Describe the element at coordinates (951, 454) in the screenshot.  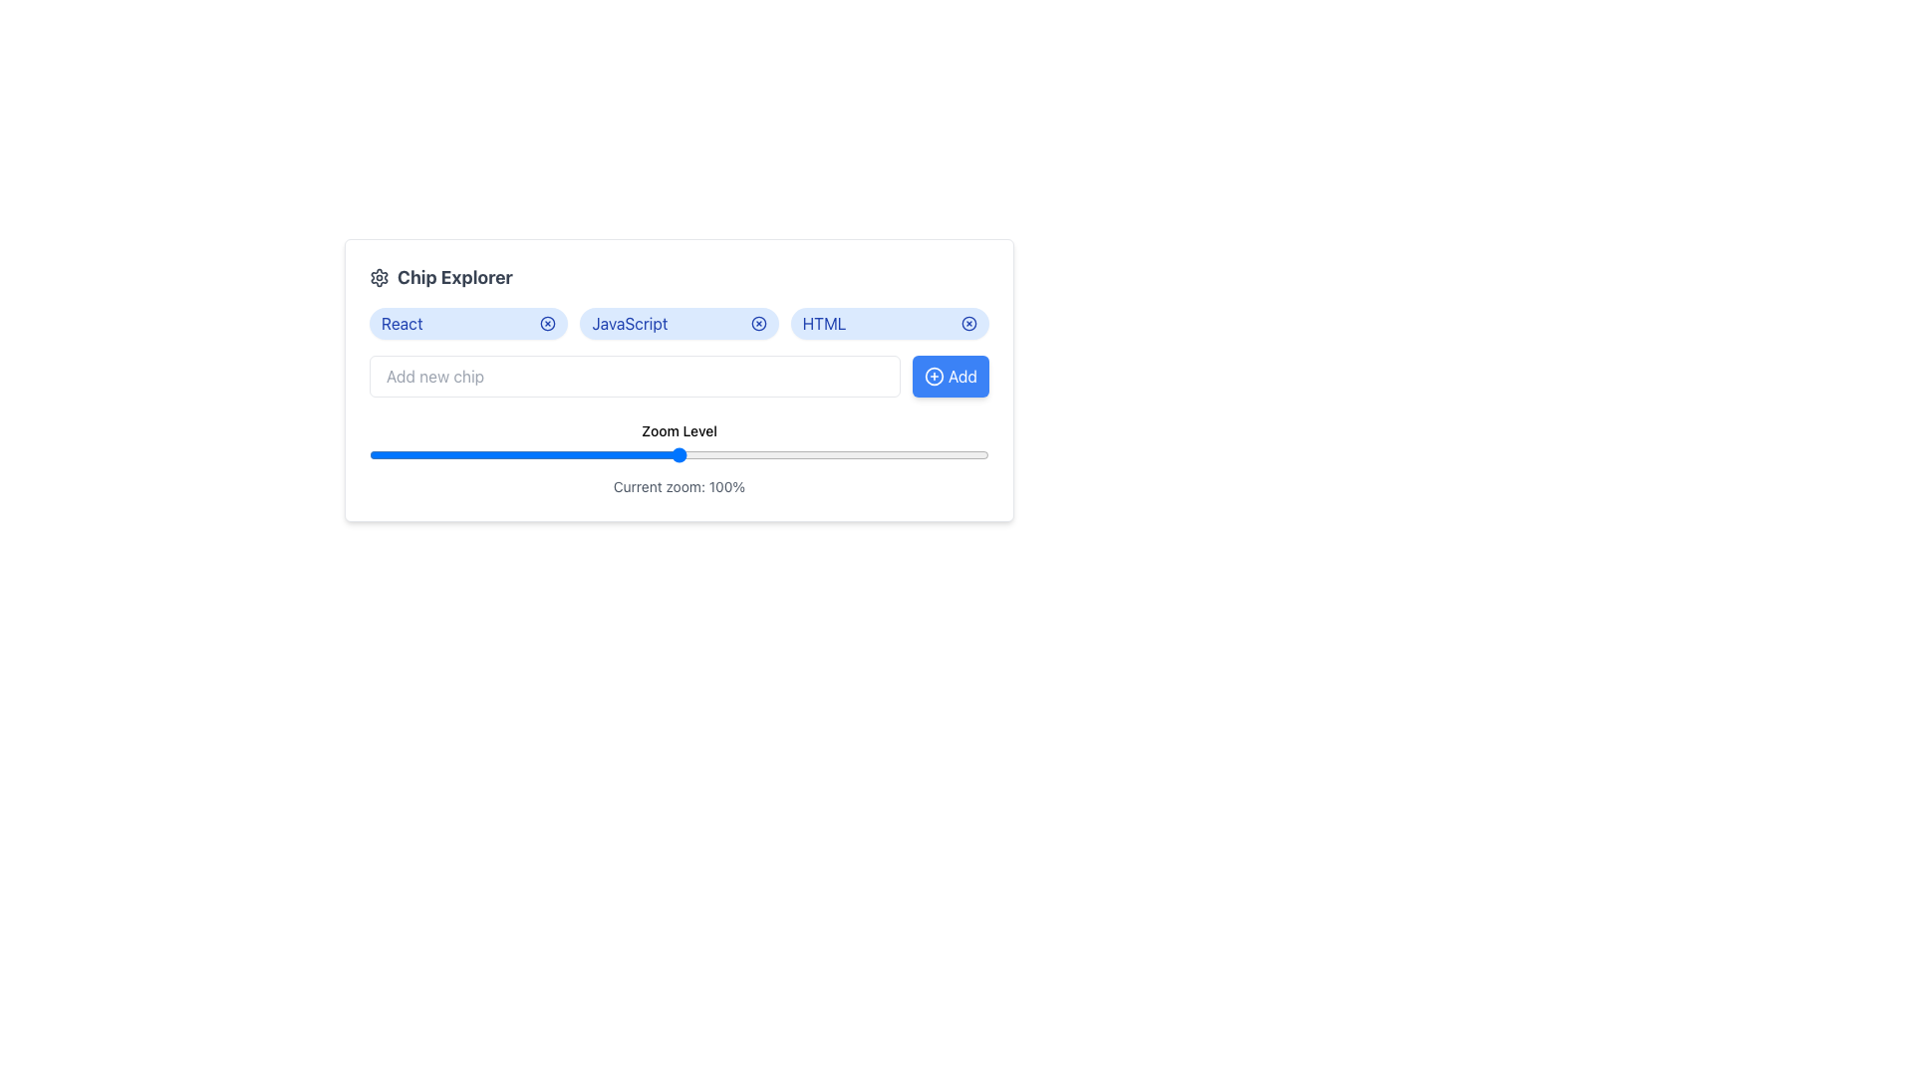
I see `zoom level` at that location.